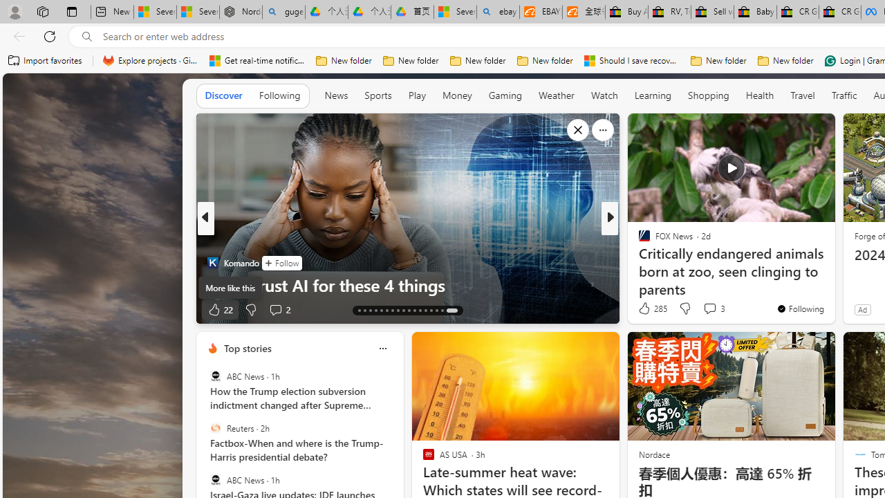 The image size is (885, 498). Describe the element at coordinates (844, 95) in the screenshot. I see `'Traffic'` at that location.